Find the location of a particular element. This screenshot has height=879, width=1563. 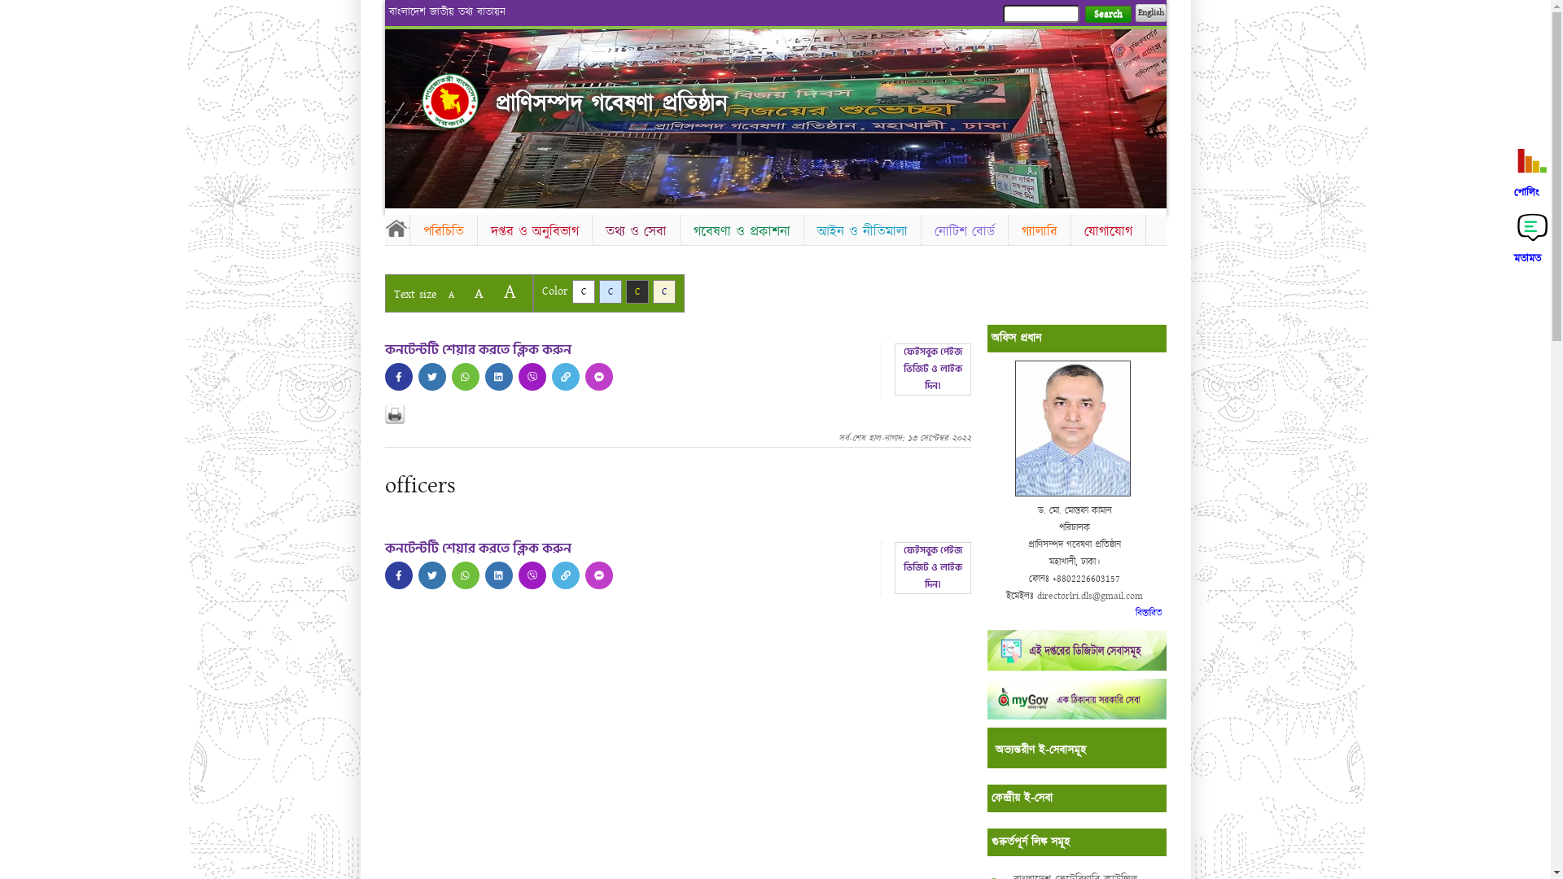

'A' is located at coordinates (508, 291).